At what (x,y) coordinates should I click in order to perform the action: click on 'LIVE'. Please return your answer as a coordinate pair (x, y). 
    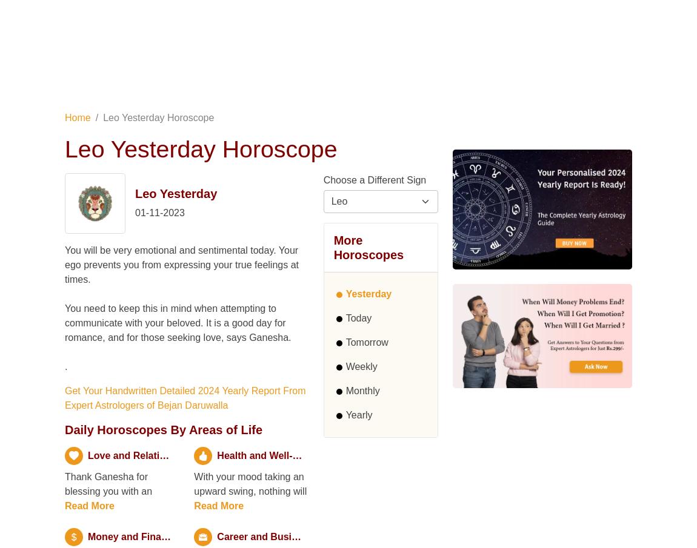
    Looking at the image, I should click on (102, 53).